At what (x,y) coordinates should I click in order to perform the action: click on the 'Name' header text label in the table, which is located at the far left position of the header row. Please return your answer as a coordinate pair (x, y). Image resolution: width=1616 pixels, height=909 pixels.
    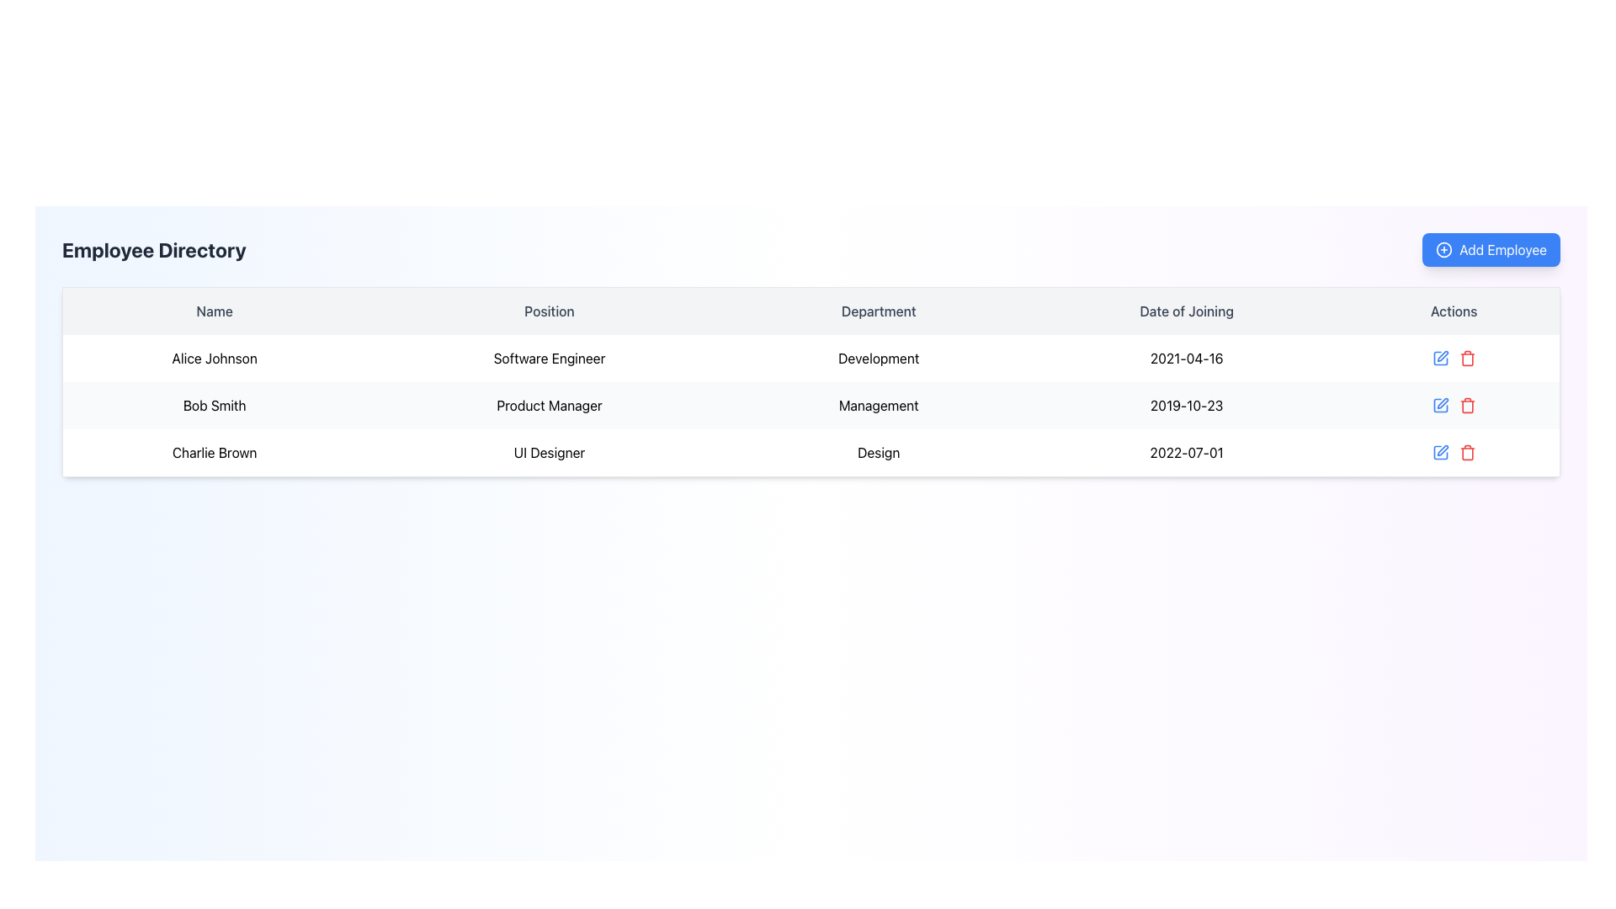
    Looking at the image, I should click on (213, 311).